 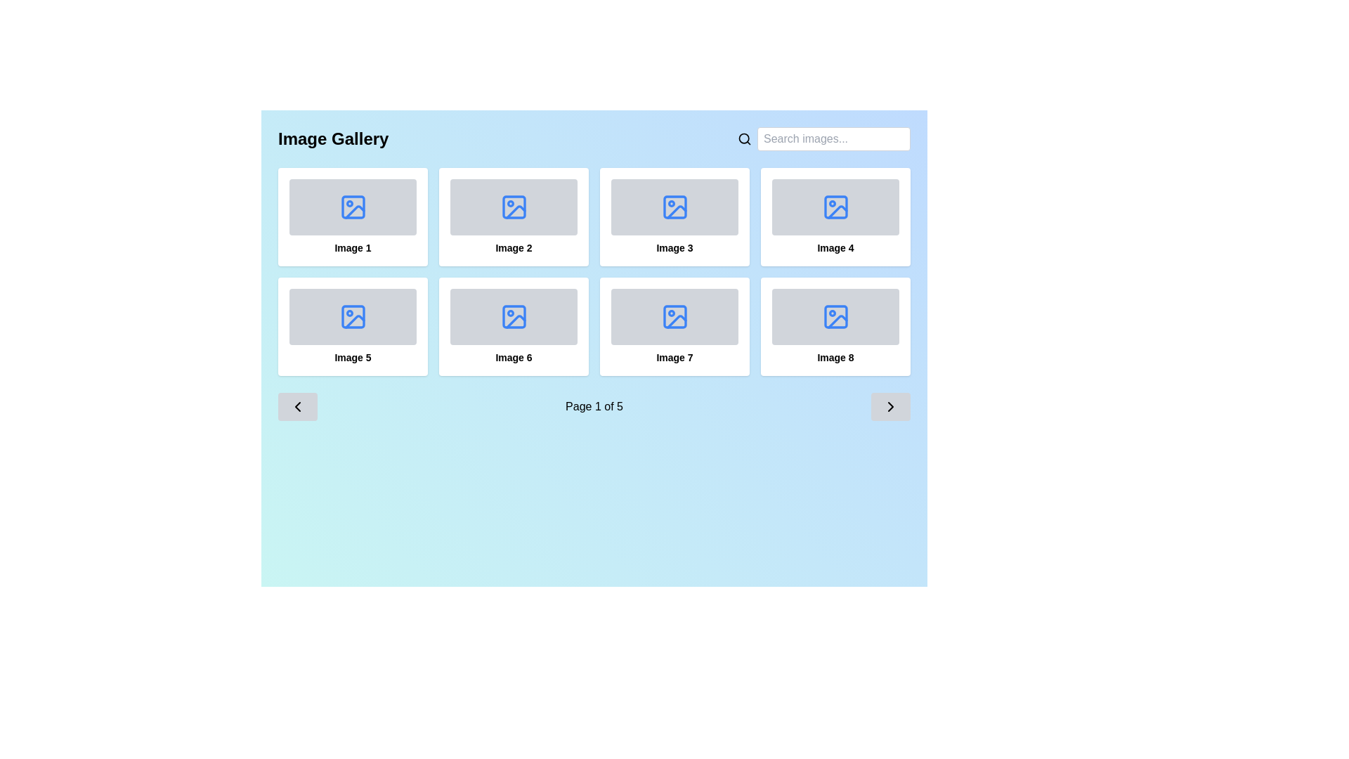 I want to click on the image placeholder, so click(x=835, y=207).